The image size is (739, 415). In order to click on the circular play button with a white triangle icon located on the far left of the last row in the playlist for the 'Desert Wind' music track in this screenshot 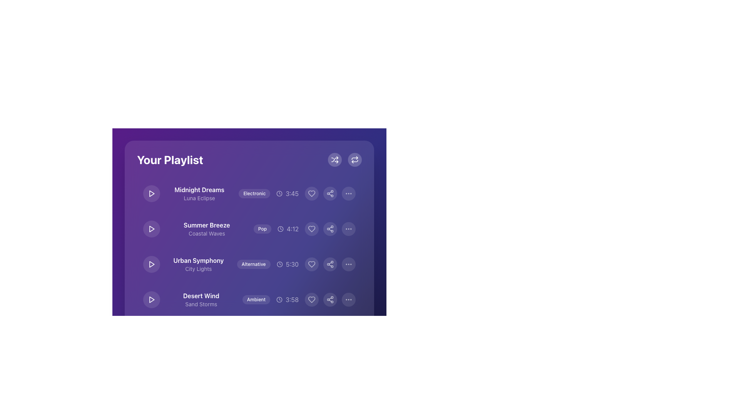, I will do `click(151, 299)`.